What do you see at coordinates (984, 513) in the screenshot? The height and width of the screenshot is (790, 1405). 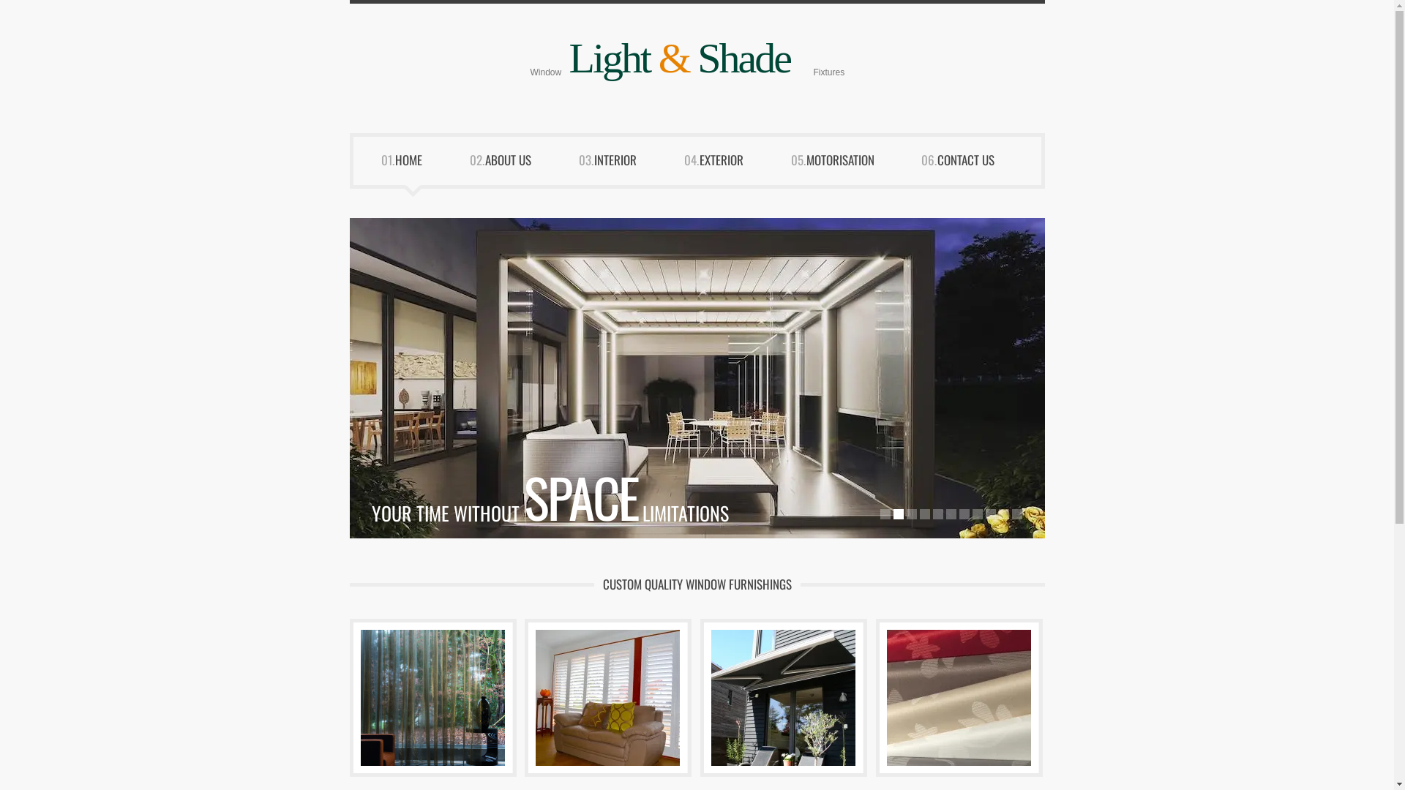 I see `'9'` at bounding box center [984, 513].